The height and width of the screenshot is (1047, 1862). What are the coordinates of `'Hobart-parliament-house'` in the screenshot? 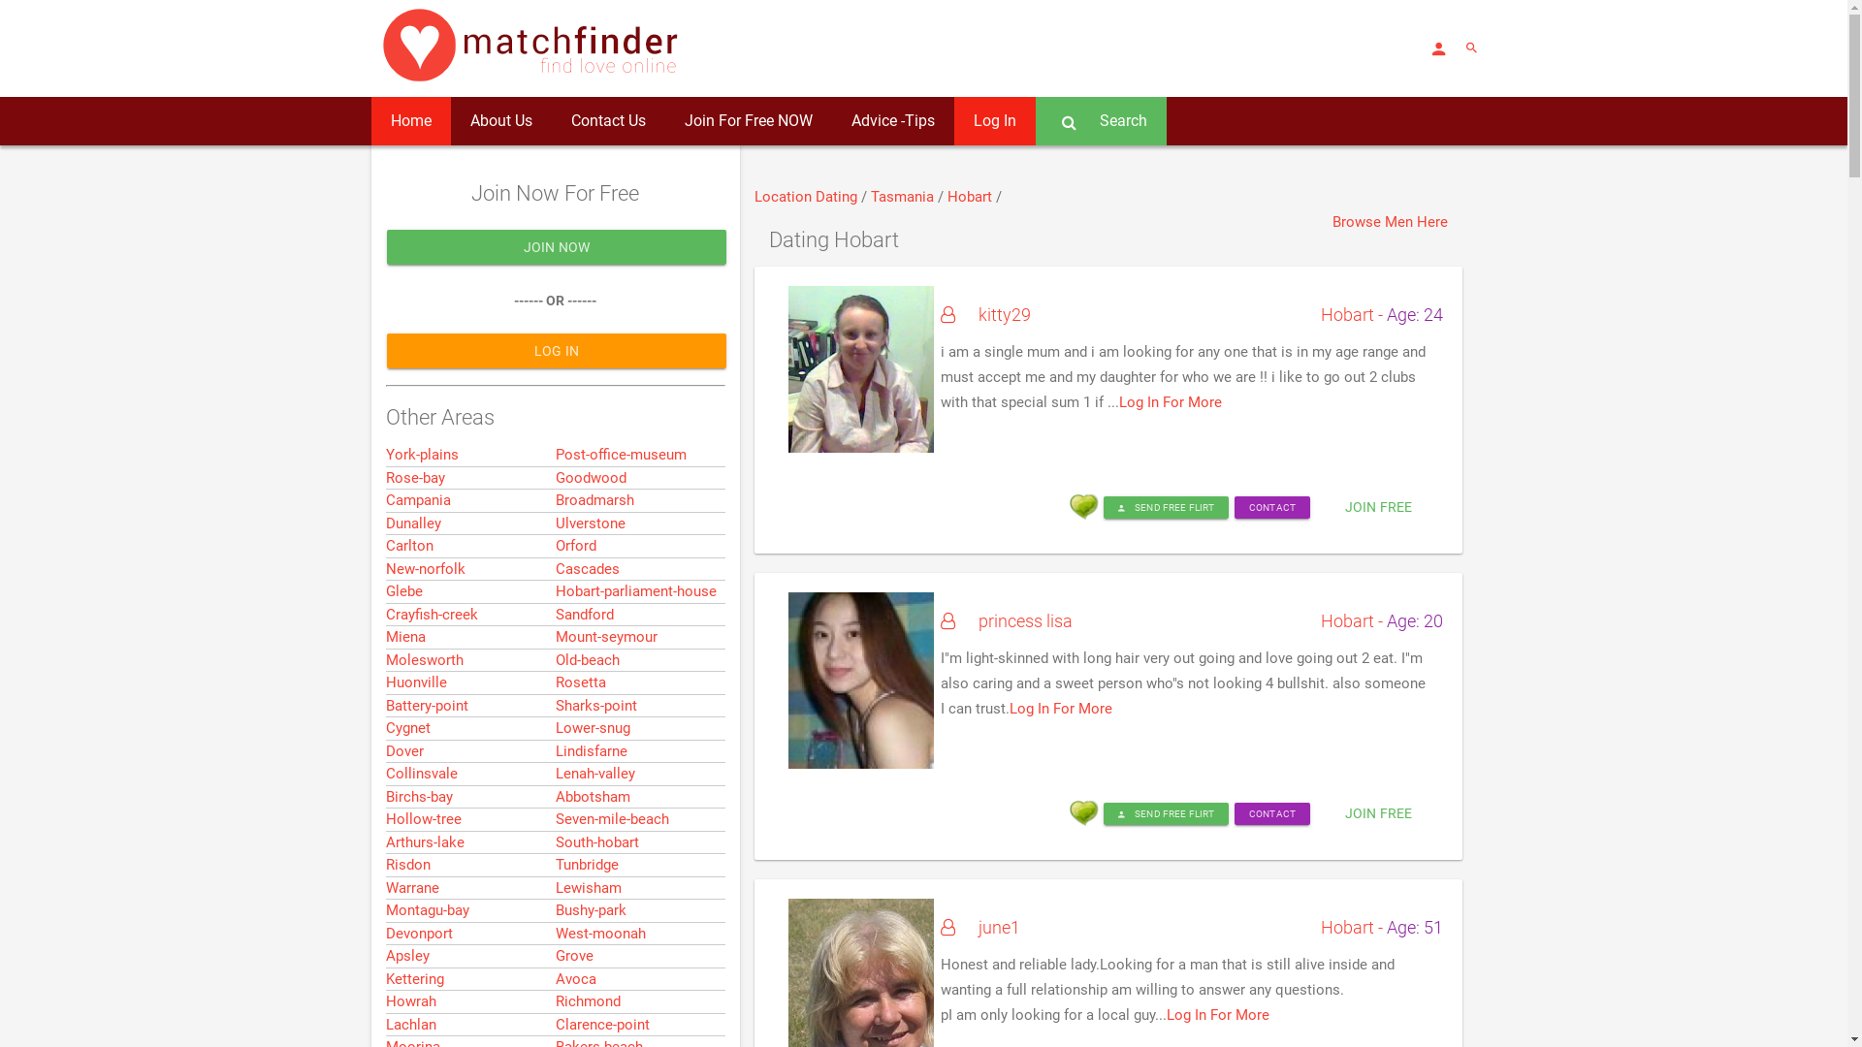 It's located at (634, 589).